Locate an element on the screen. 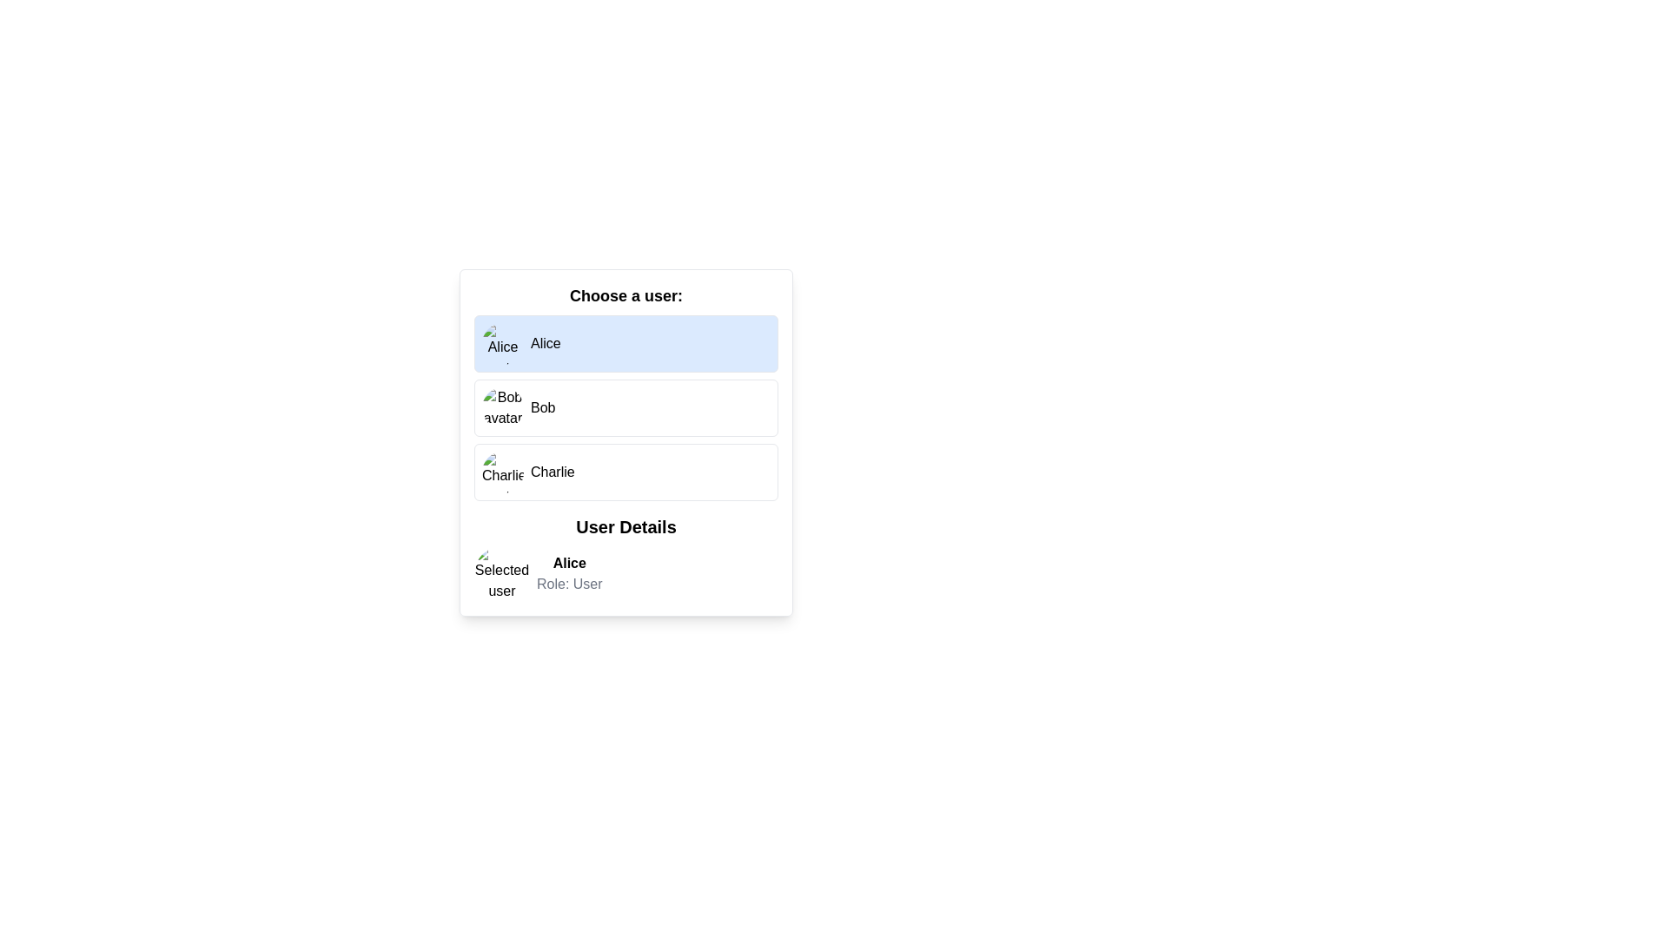 The height and width of the screenshot is (938, 1668). the Text Display Area that displays the selected user's name ('Alice') and role ('User') in the 'User Details' section, located below 'Selected user' and next to a circular avatar image is located at coordinates (569, 573).